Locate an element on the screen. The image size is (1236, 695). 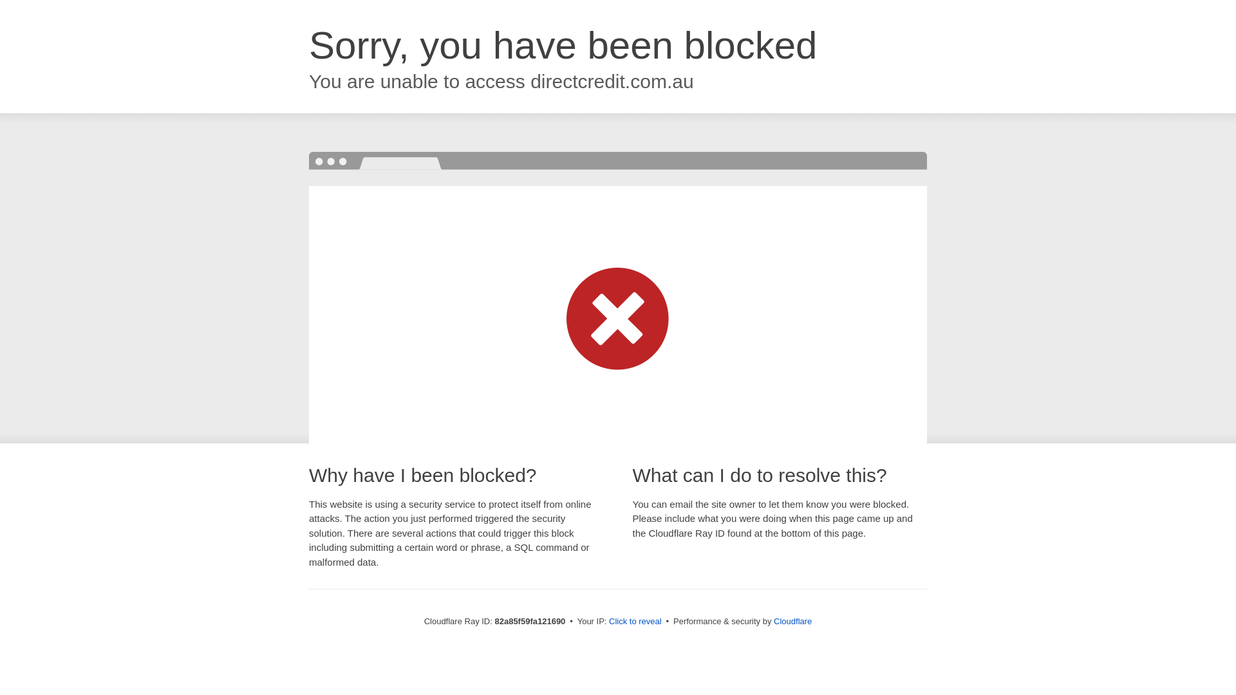
'Click to reveal' is located at coordinates (608, 620).